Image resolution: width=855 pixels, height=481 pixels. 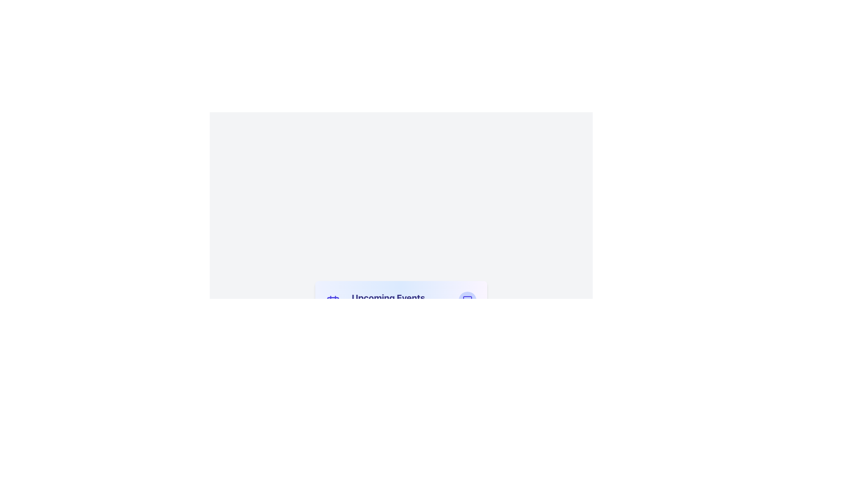 What do you see at coordinates (401, 405) in the screenshot?
I see `the button that initiates the creation of a new event to observe the hover color change` at bounding box center [401, 405].